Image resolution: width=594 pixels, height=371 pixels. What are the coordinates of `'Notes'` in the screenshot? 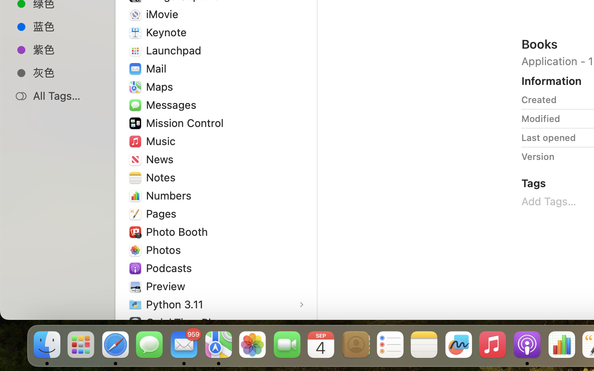 It's located at (162, 177).